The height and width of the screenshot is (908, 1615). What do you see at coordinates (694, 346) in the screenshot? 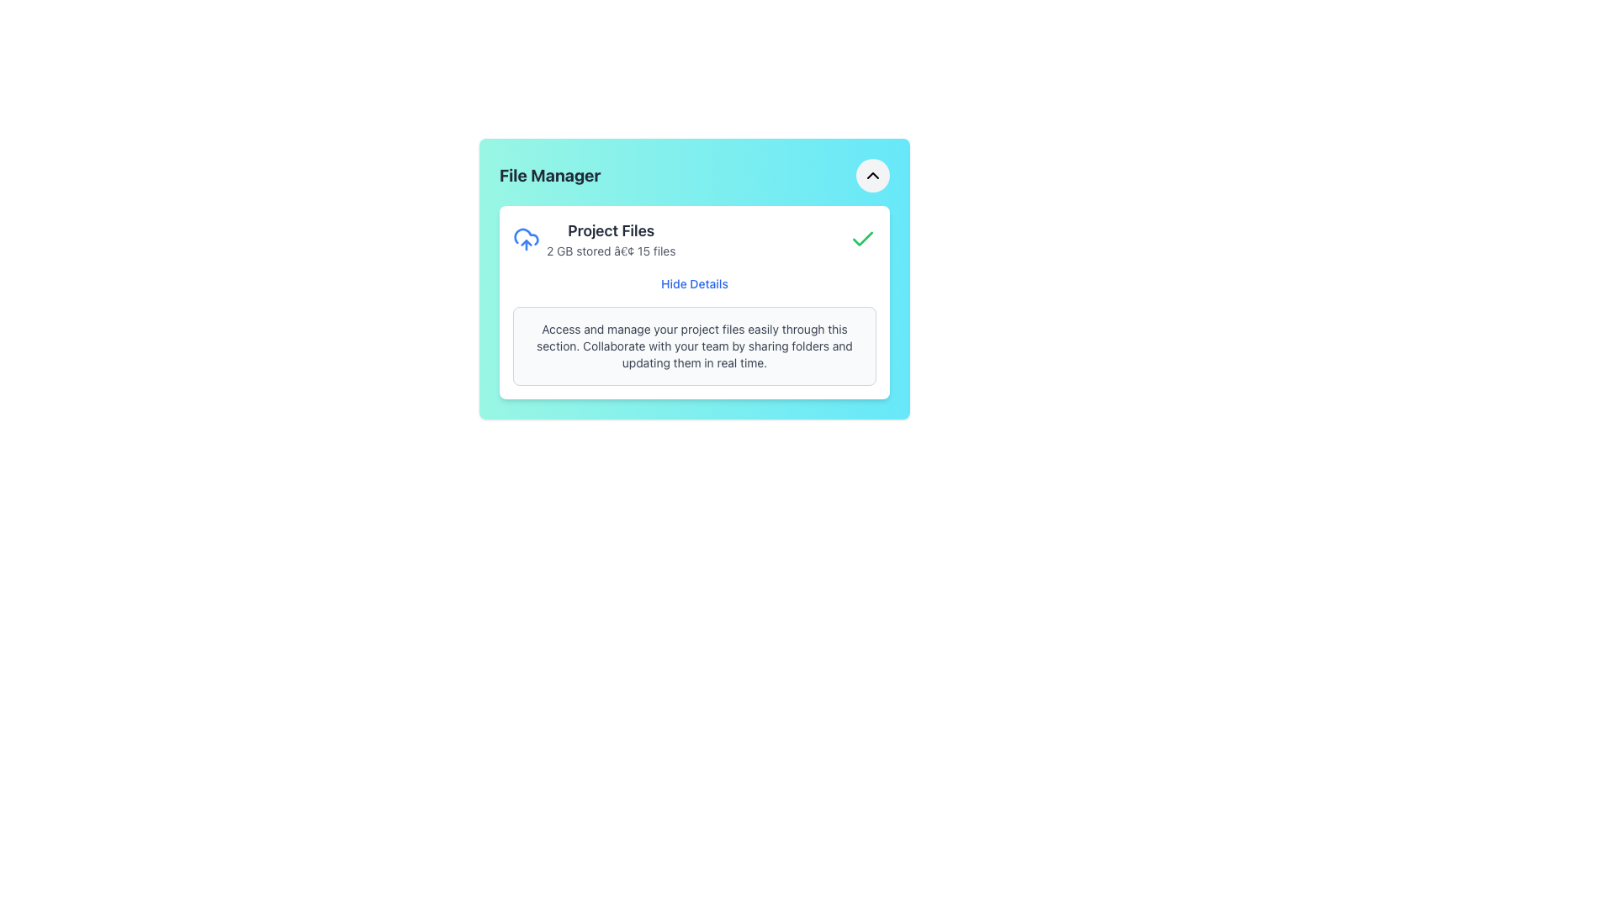
I see `the Informational Text Block that describes managing project files, which is located below the 'Hide Details' link in the 'Project Files' section` at bounding box center [694, 346].